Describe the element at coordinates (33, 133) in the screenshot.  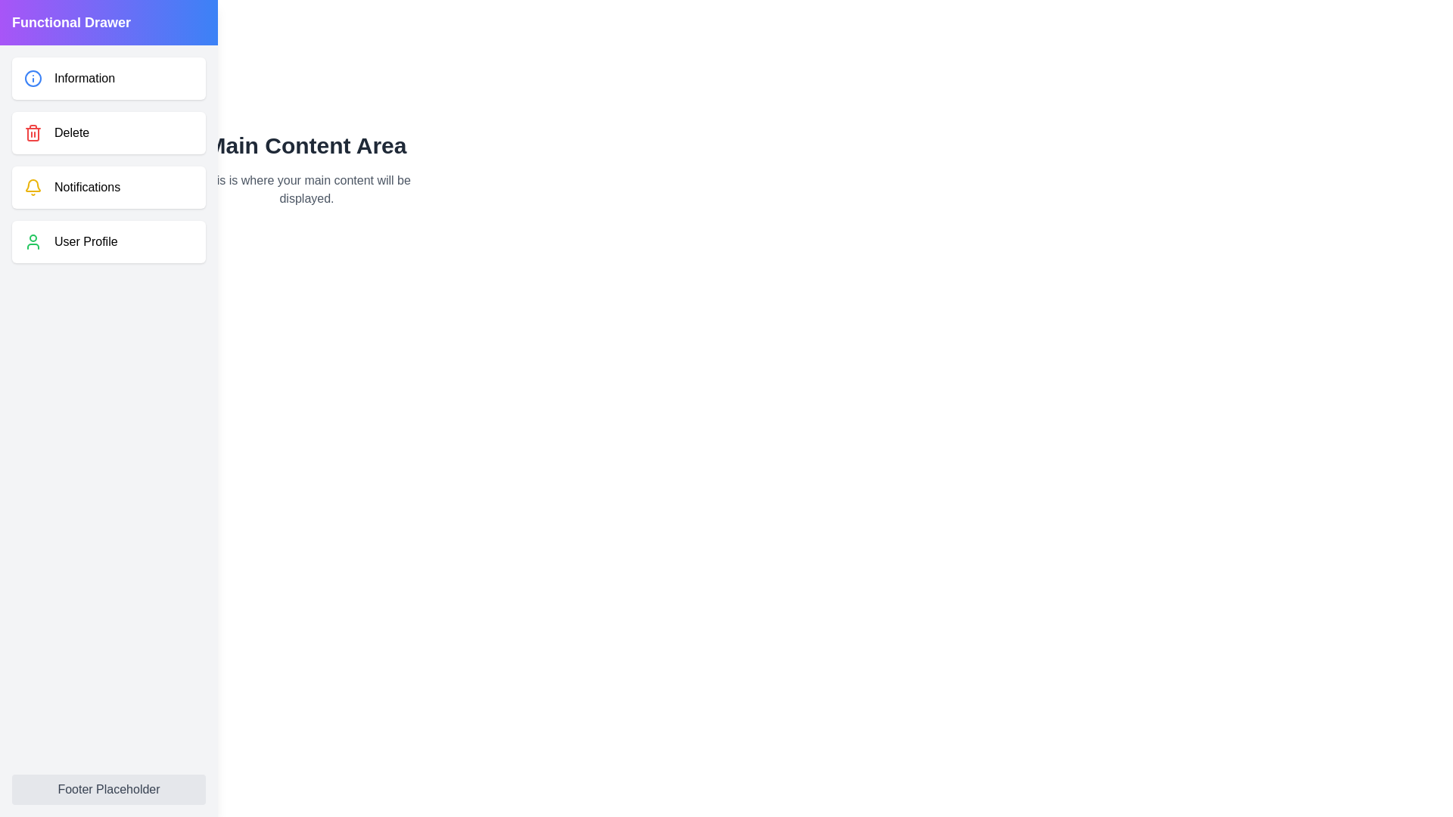
I see `the trash icon graphic component which is part of the 'Delete' button located in the left sidebar, positioned second from the top` at that location.